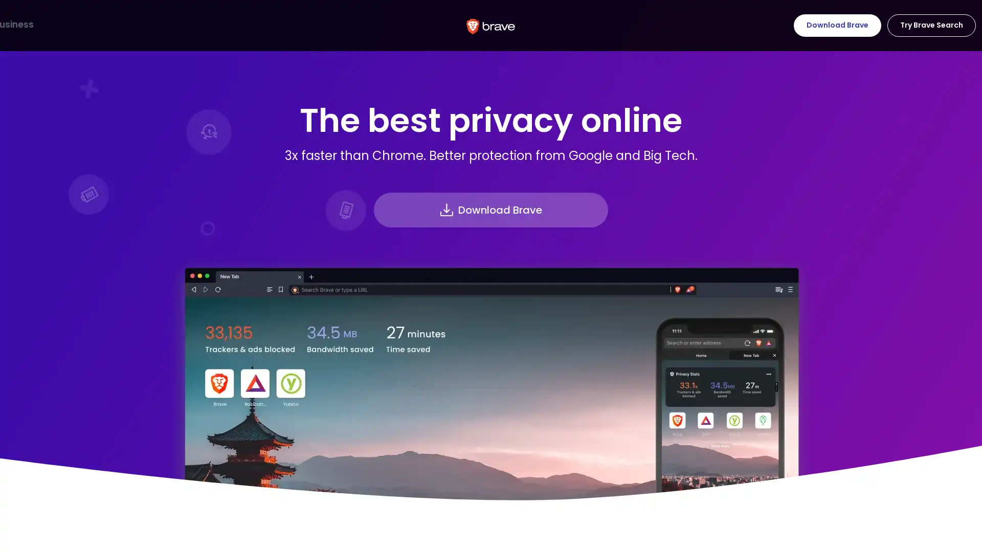 This screenshot has height=552, width=982. Describe the element at coordinates (186, 25) in the screenshot. I see `Resources` at that location.